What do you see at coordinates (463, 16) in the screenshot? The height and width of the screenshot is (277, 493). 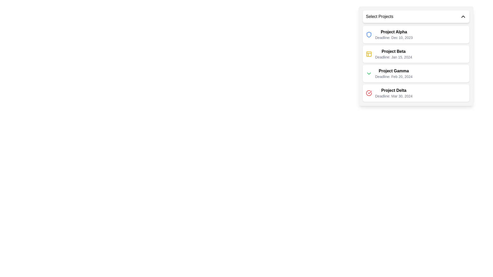 I see `the chevron icon located on the far-right side of the 'Select Projects' dropdown button` at bounding box center [463, 16].